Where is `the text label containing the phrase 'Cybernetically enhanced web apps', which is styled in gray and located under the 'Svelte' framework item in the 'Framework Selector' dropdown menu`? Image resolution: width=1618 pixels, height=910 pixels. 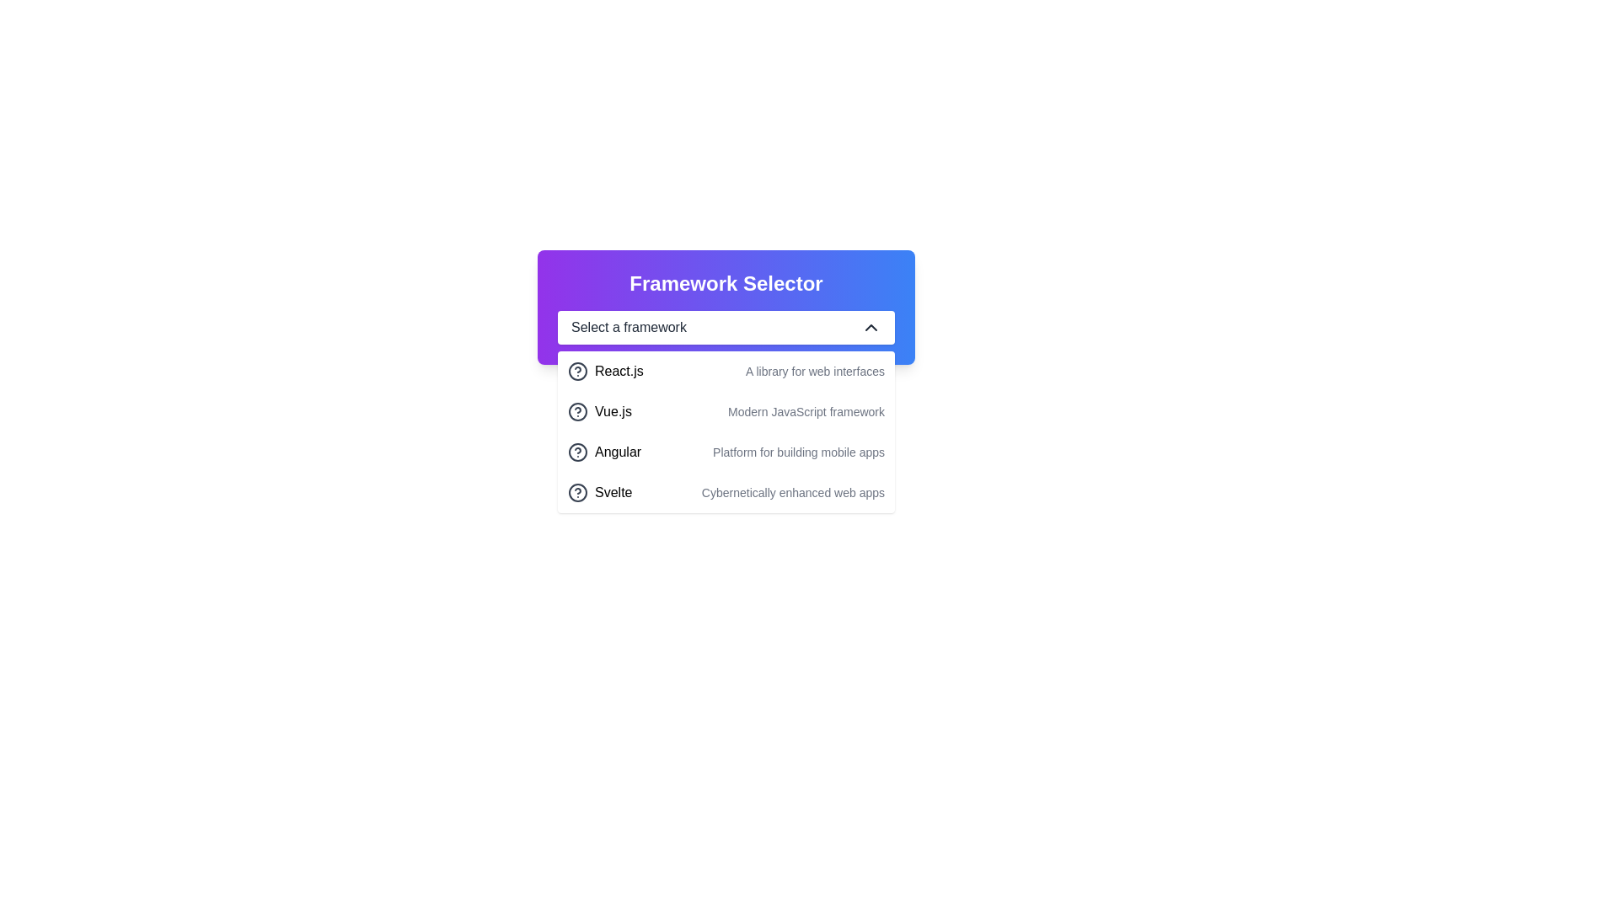
the text label containing the phrase 'Cybernetically enhanced web apps', which is styled in gray and located under the 'Svelte' framework item in the 'Framework Selector' dropdown menu is located at coordinates (792, 493).